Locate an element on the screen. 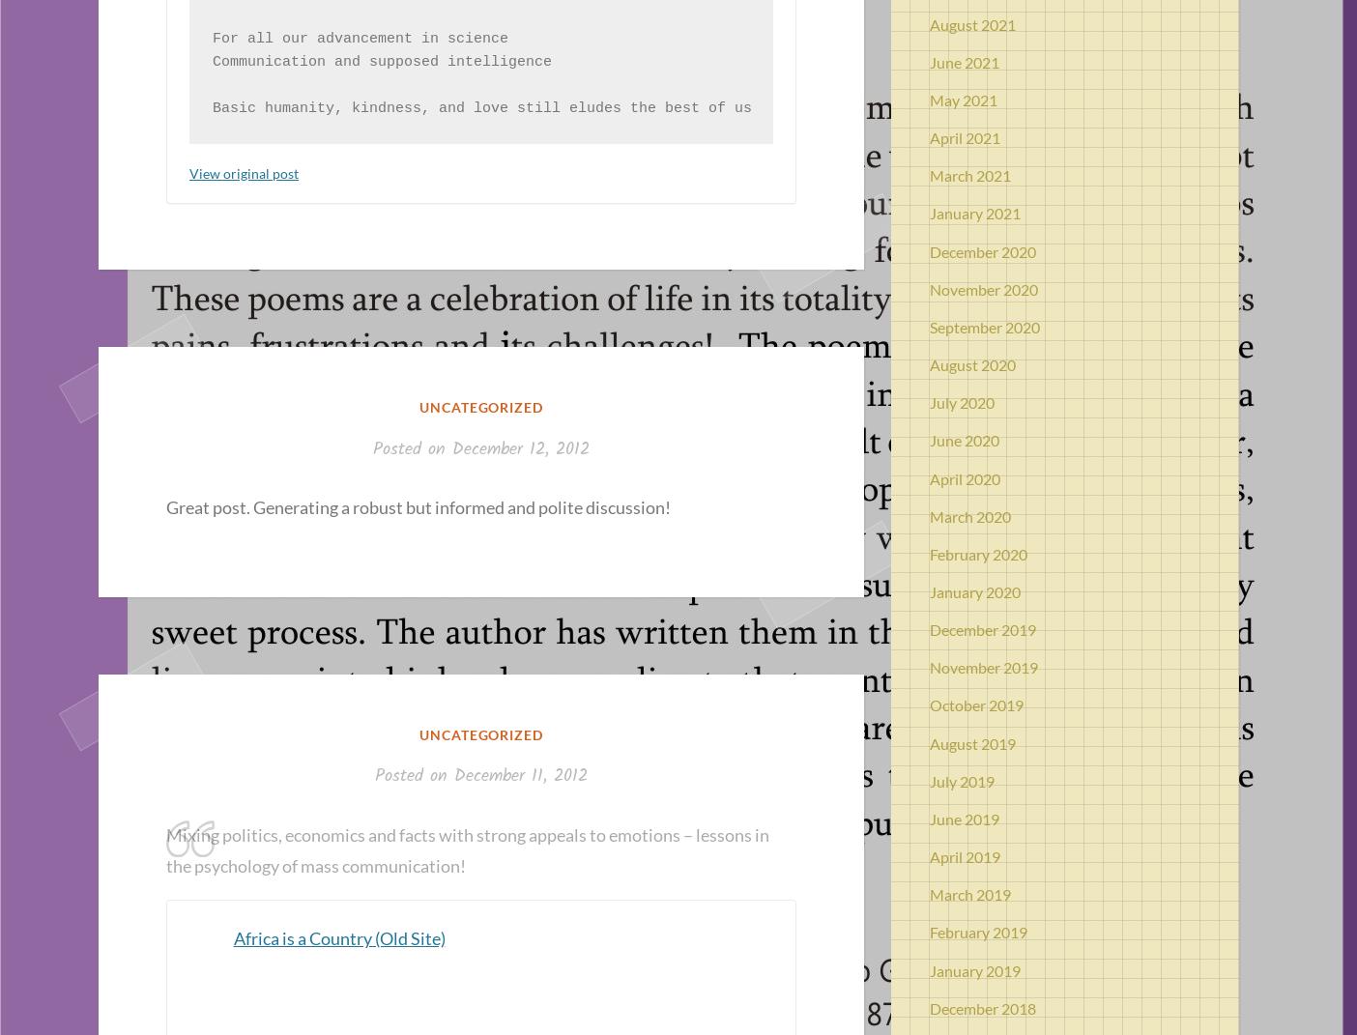 This screenshot has width=1357, height=1035. 'December 11, 2012' is located at coordinates (453, 775).